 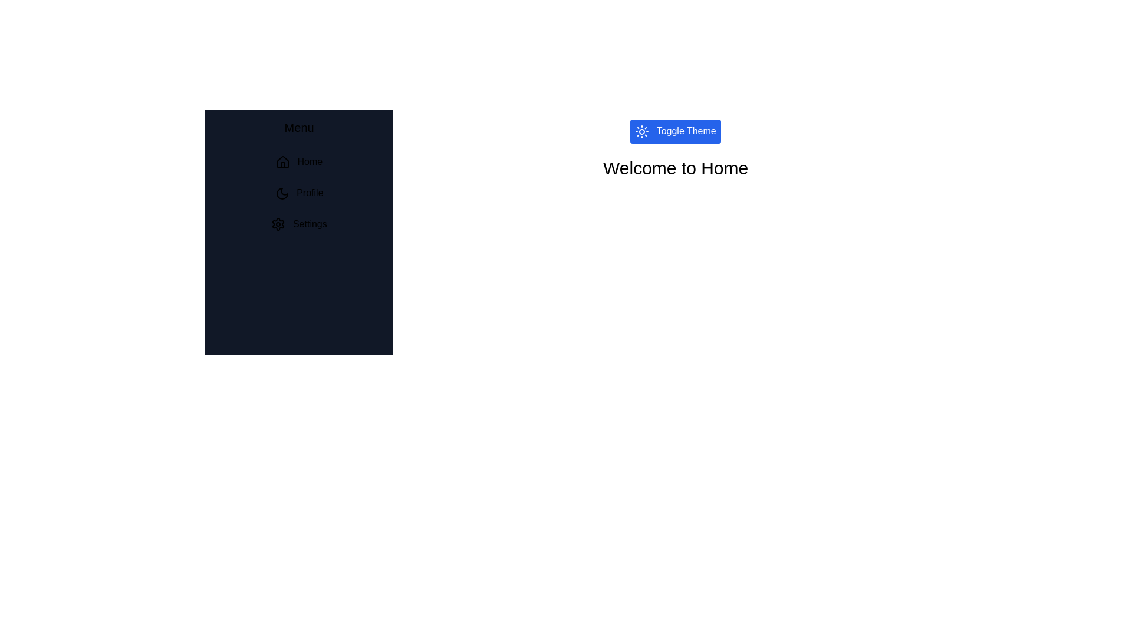 What do you see at coordinates (278, 224) in the screenshot?
I see `the icon next to the menu item Settings` at bounding box center [278, 224].